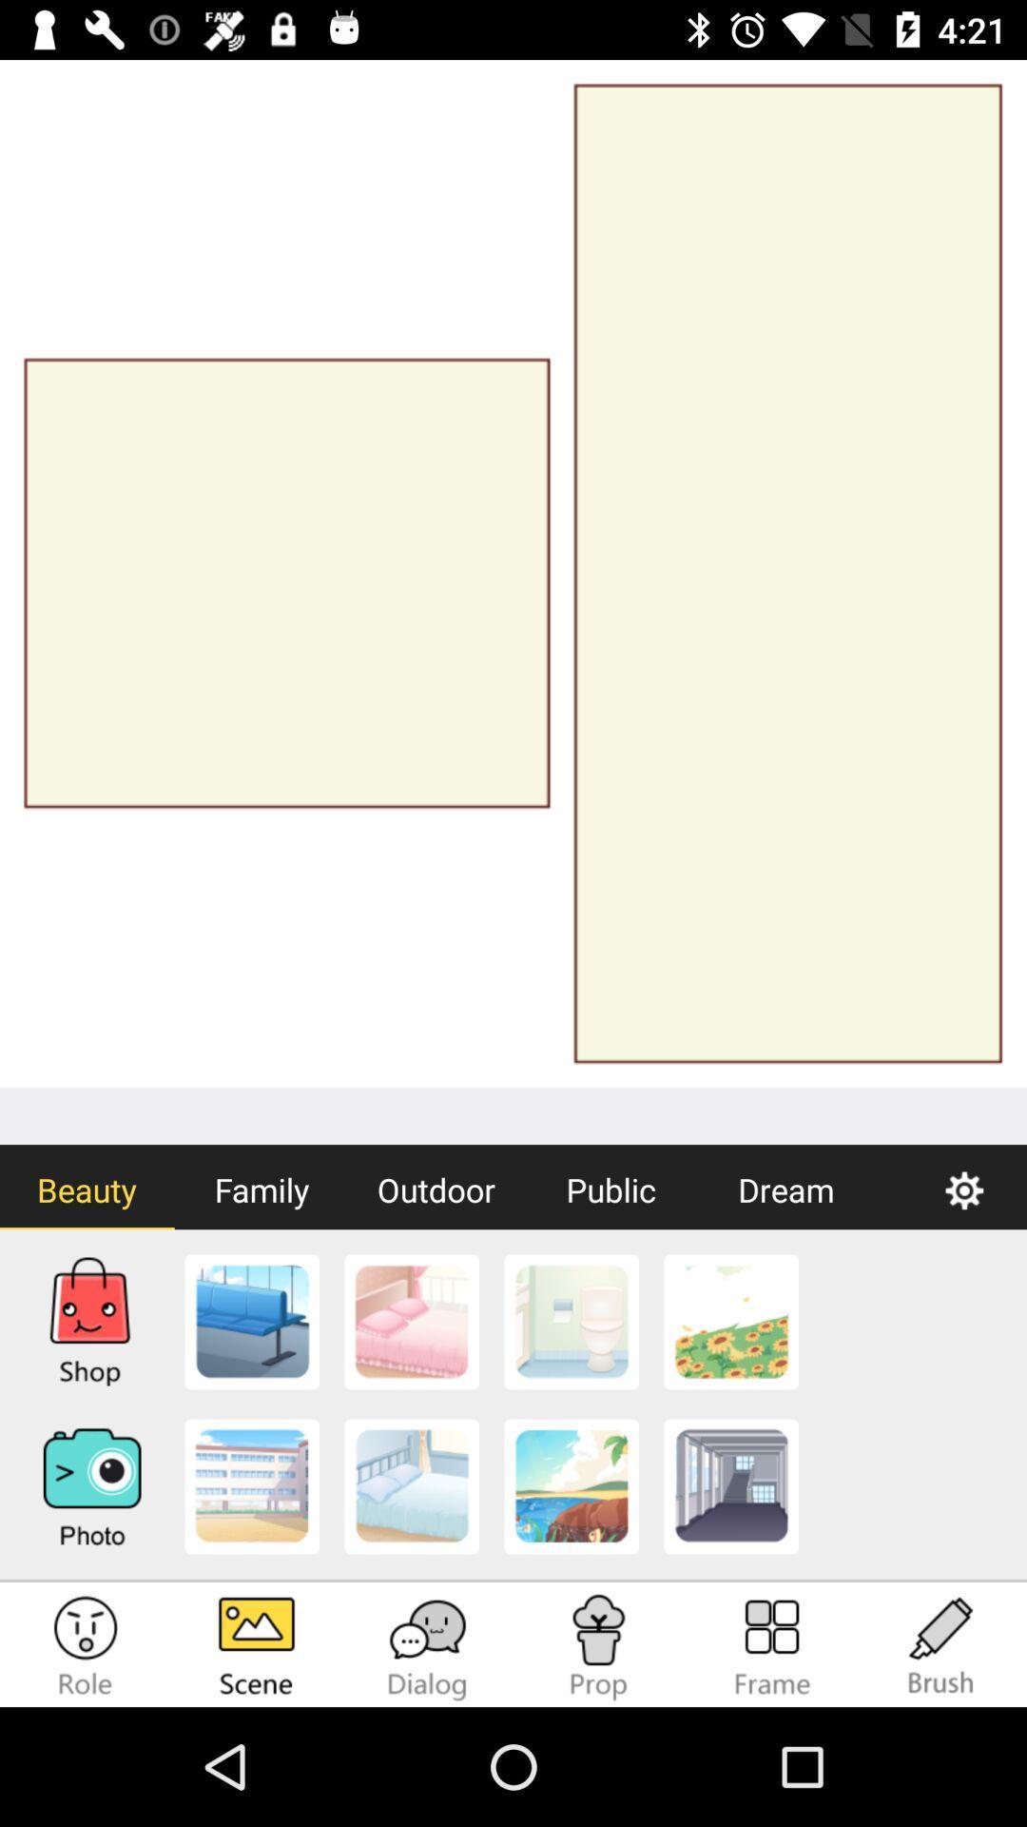  What do you see at coordinates (941, 1646) in the screenshot?
I see `the edit icon` at bounding box center [941, 1646].